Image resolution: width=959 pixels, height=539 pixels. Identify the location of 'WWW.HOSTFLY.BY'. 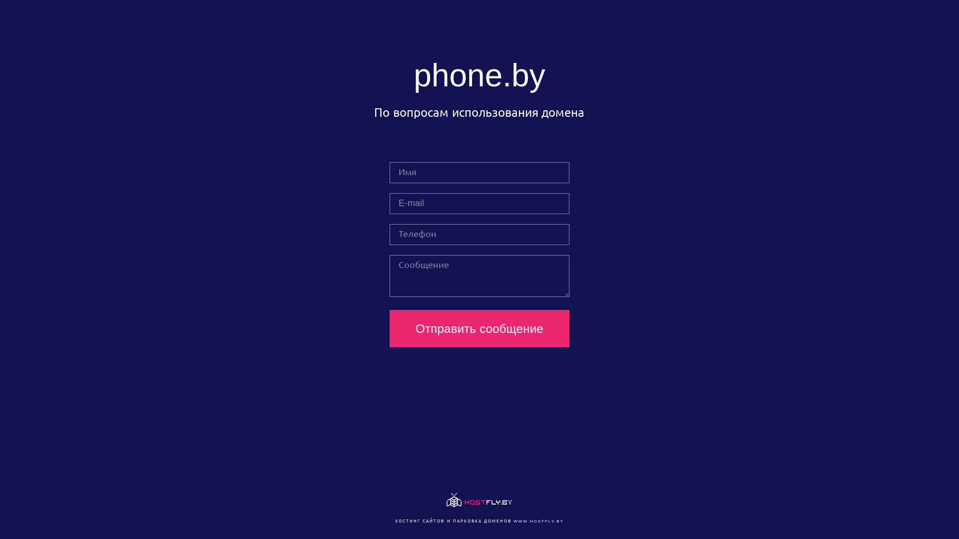
(513, 521).